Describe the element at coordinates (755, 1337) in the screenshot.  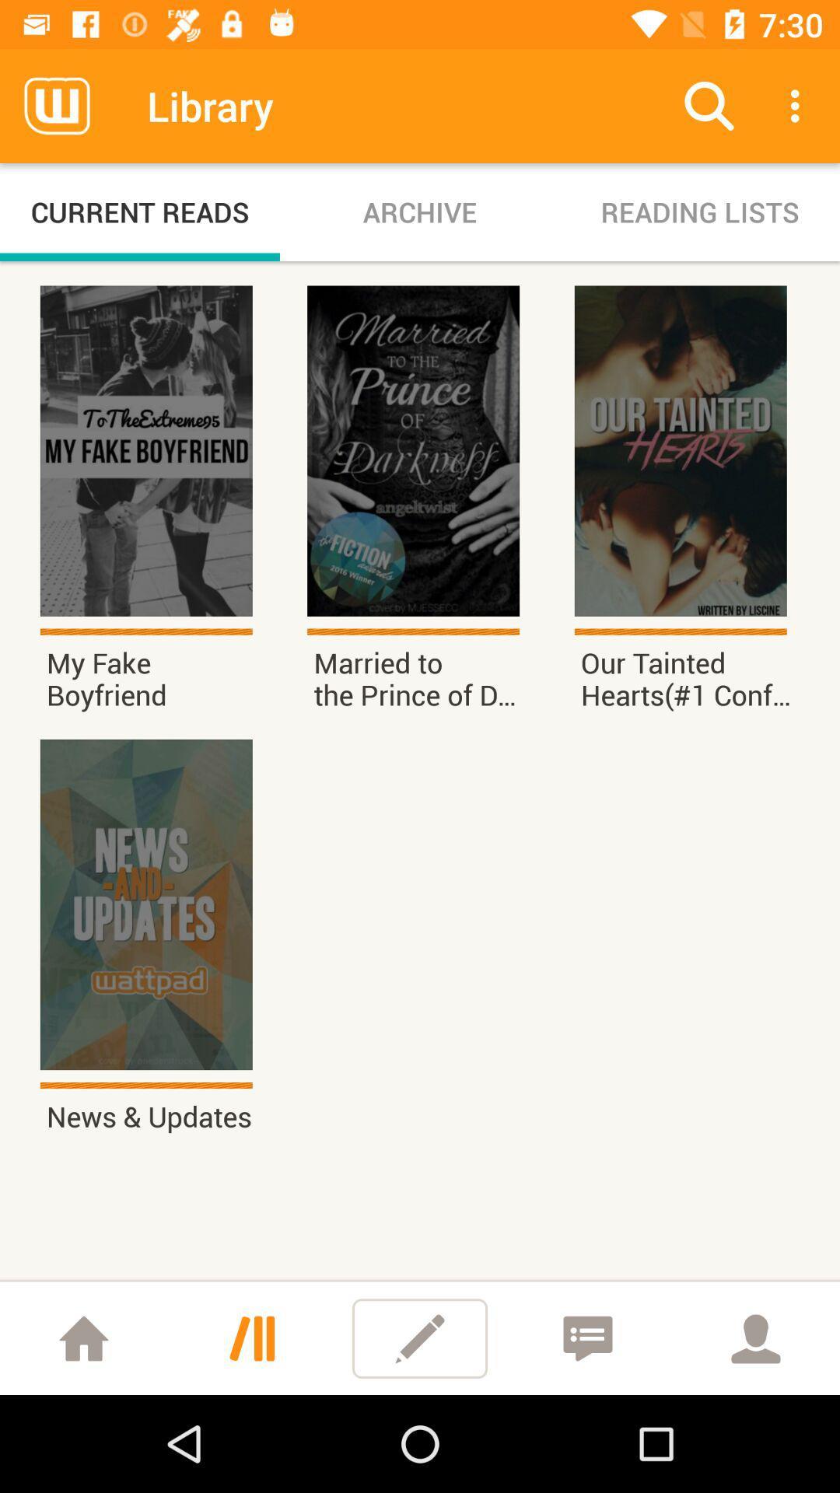
I see `the avatar icon` at that location.